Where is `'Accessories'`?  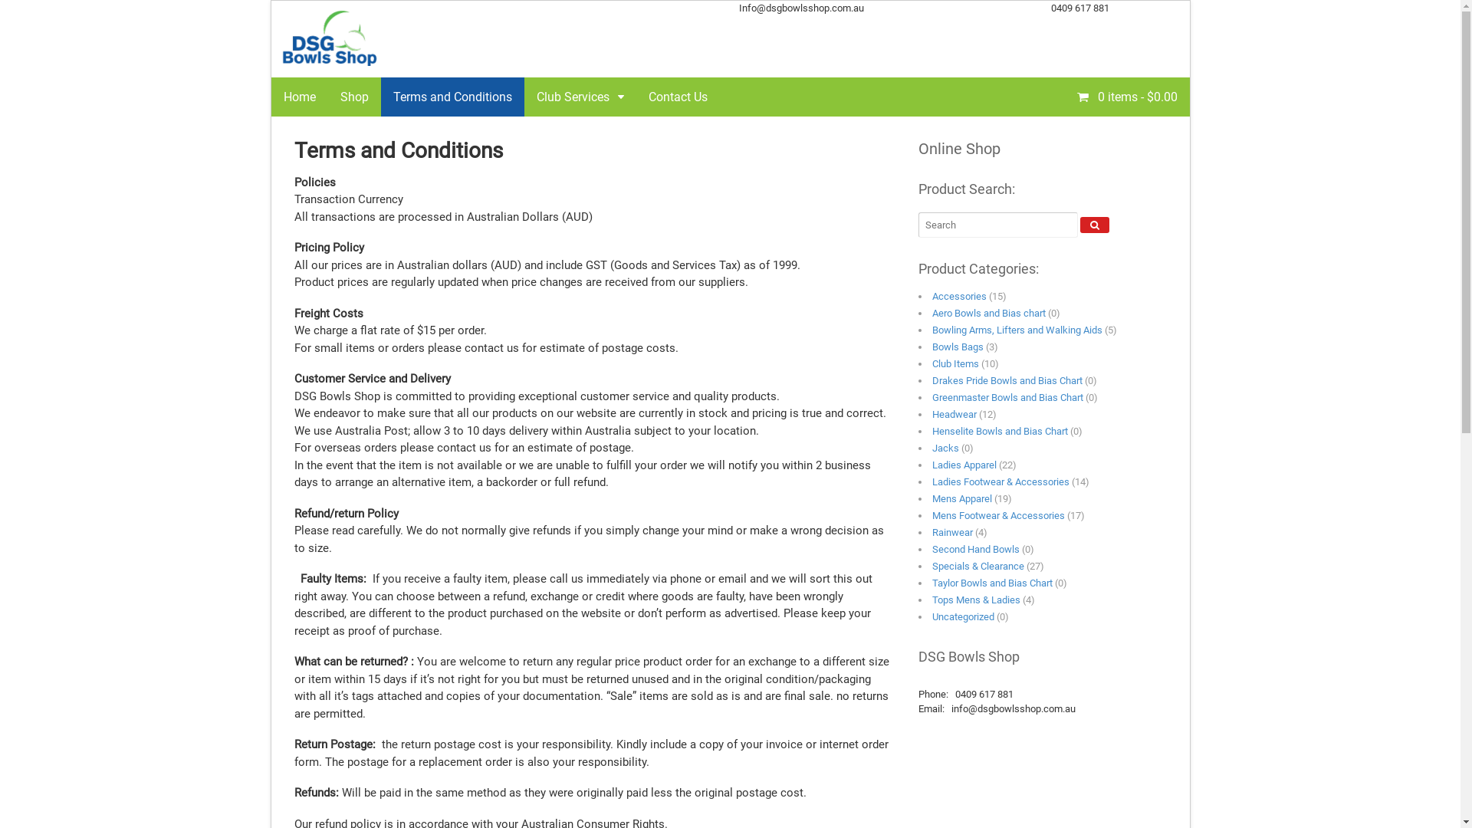
'Accessories' is located at coordinates (931, 296).